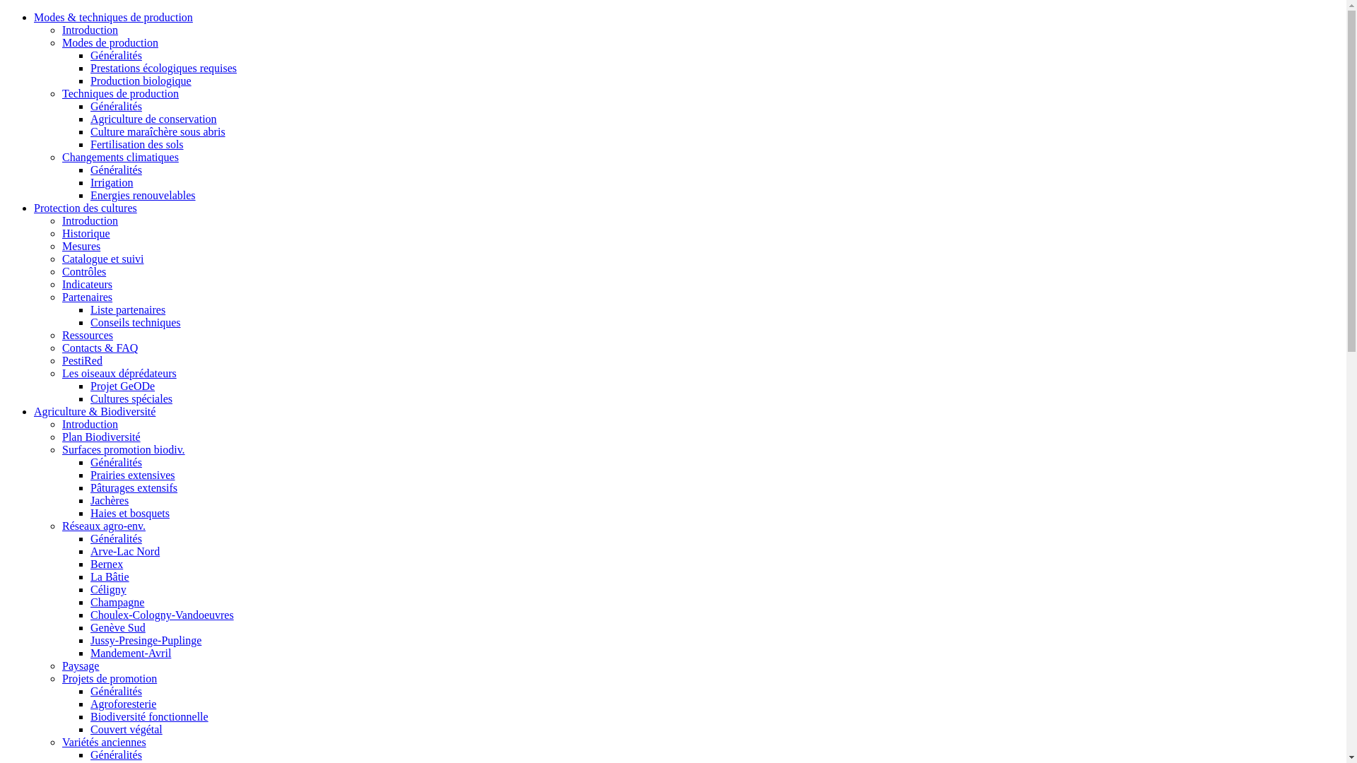 Image resolution: width=1357 pixels, height=763 pixels. What do you see at coordinates (125, 550) in the screenshot?
I see `'Arve-Lac Nord'` at bounding box center [125, 550].